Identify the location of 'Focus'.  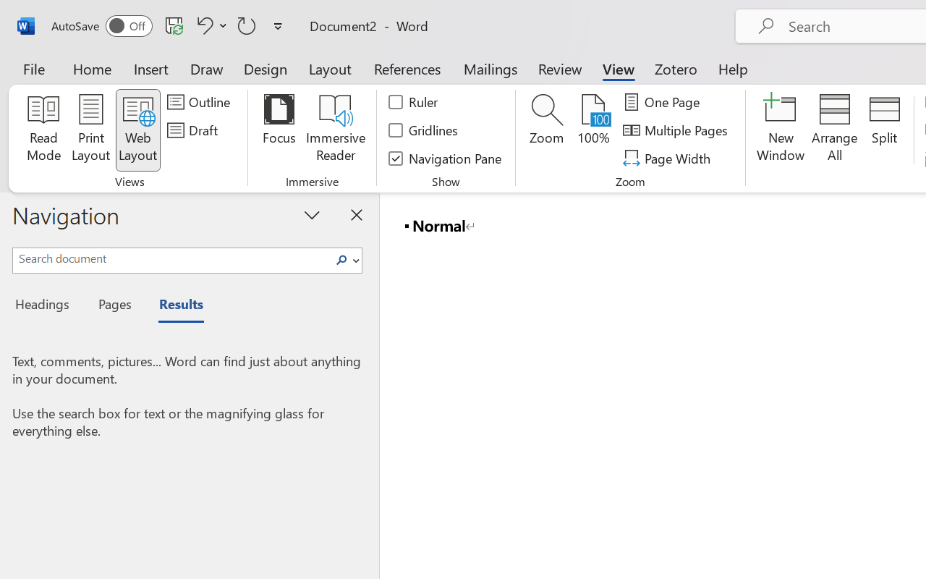
(279, 130).